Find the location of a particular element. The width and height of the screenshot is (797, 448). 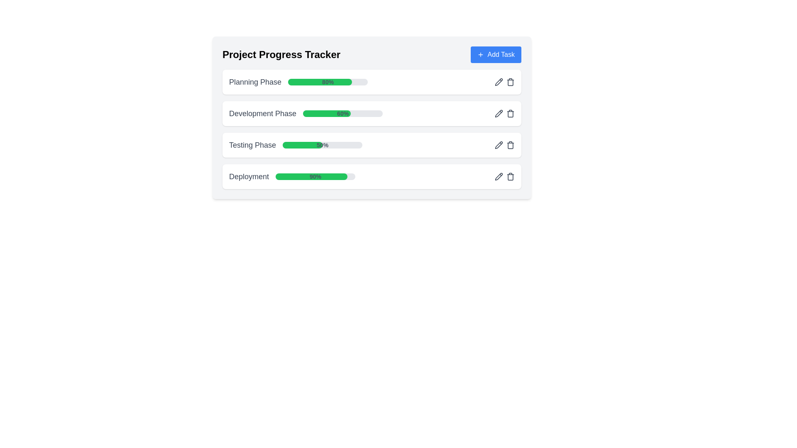

the delete icon in the third row of the task list is located at coordinates (510, 113).